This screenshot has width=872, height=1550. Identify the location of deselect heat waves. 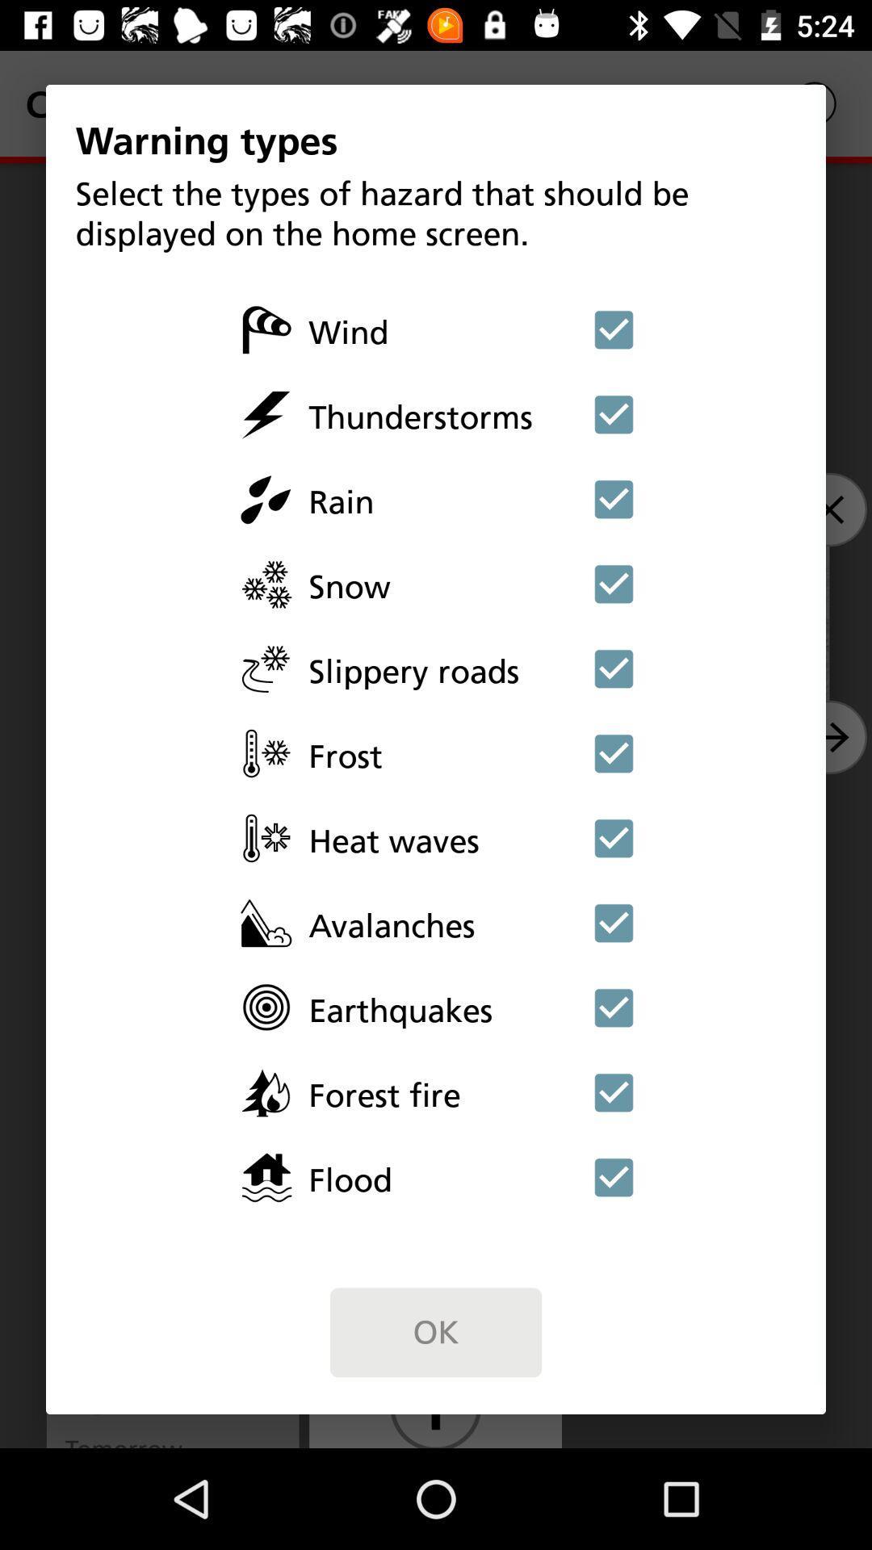
(614, 838).